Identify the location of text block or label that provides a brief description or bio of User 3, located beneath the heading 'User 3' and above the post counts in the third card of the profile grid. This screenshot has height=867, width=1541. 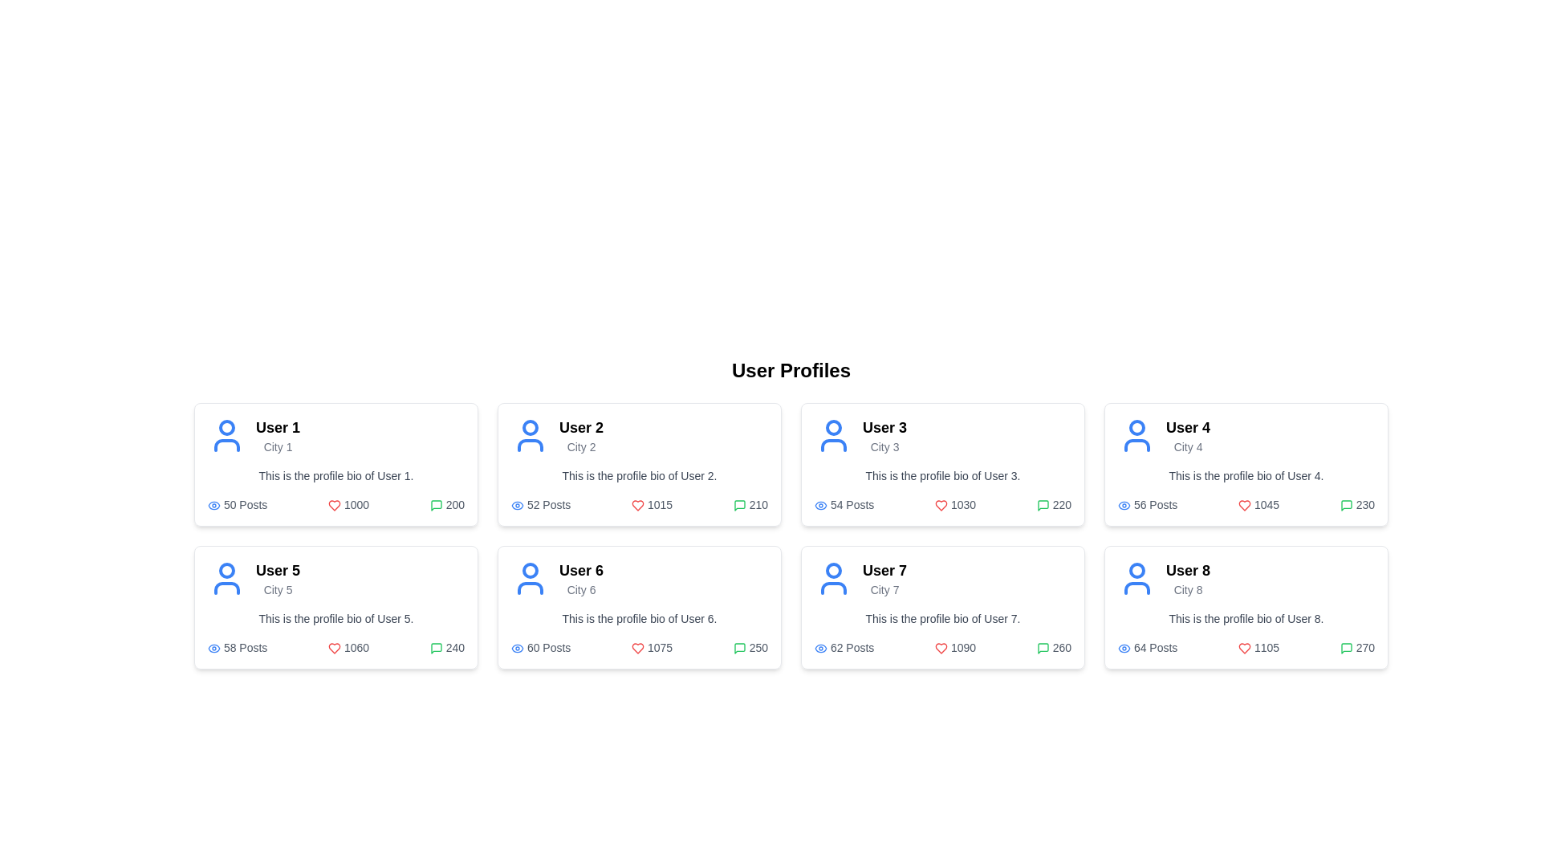
(943, 475).